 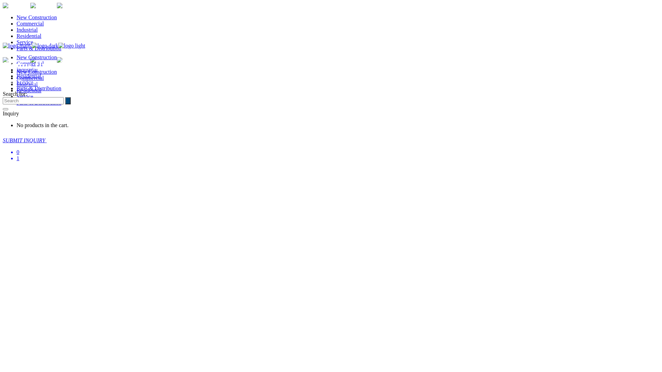 What do you see at coordinates (28, 140) in the screenshot?
I see `'SUBMIT INQUIRY'` at bounding box center [28, 140].